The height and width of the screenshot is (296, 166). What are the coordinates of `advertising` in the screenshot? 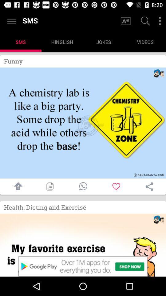 It's located at (83, 245).